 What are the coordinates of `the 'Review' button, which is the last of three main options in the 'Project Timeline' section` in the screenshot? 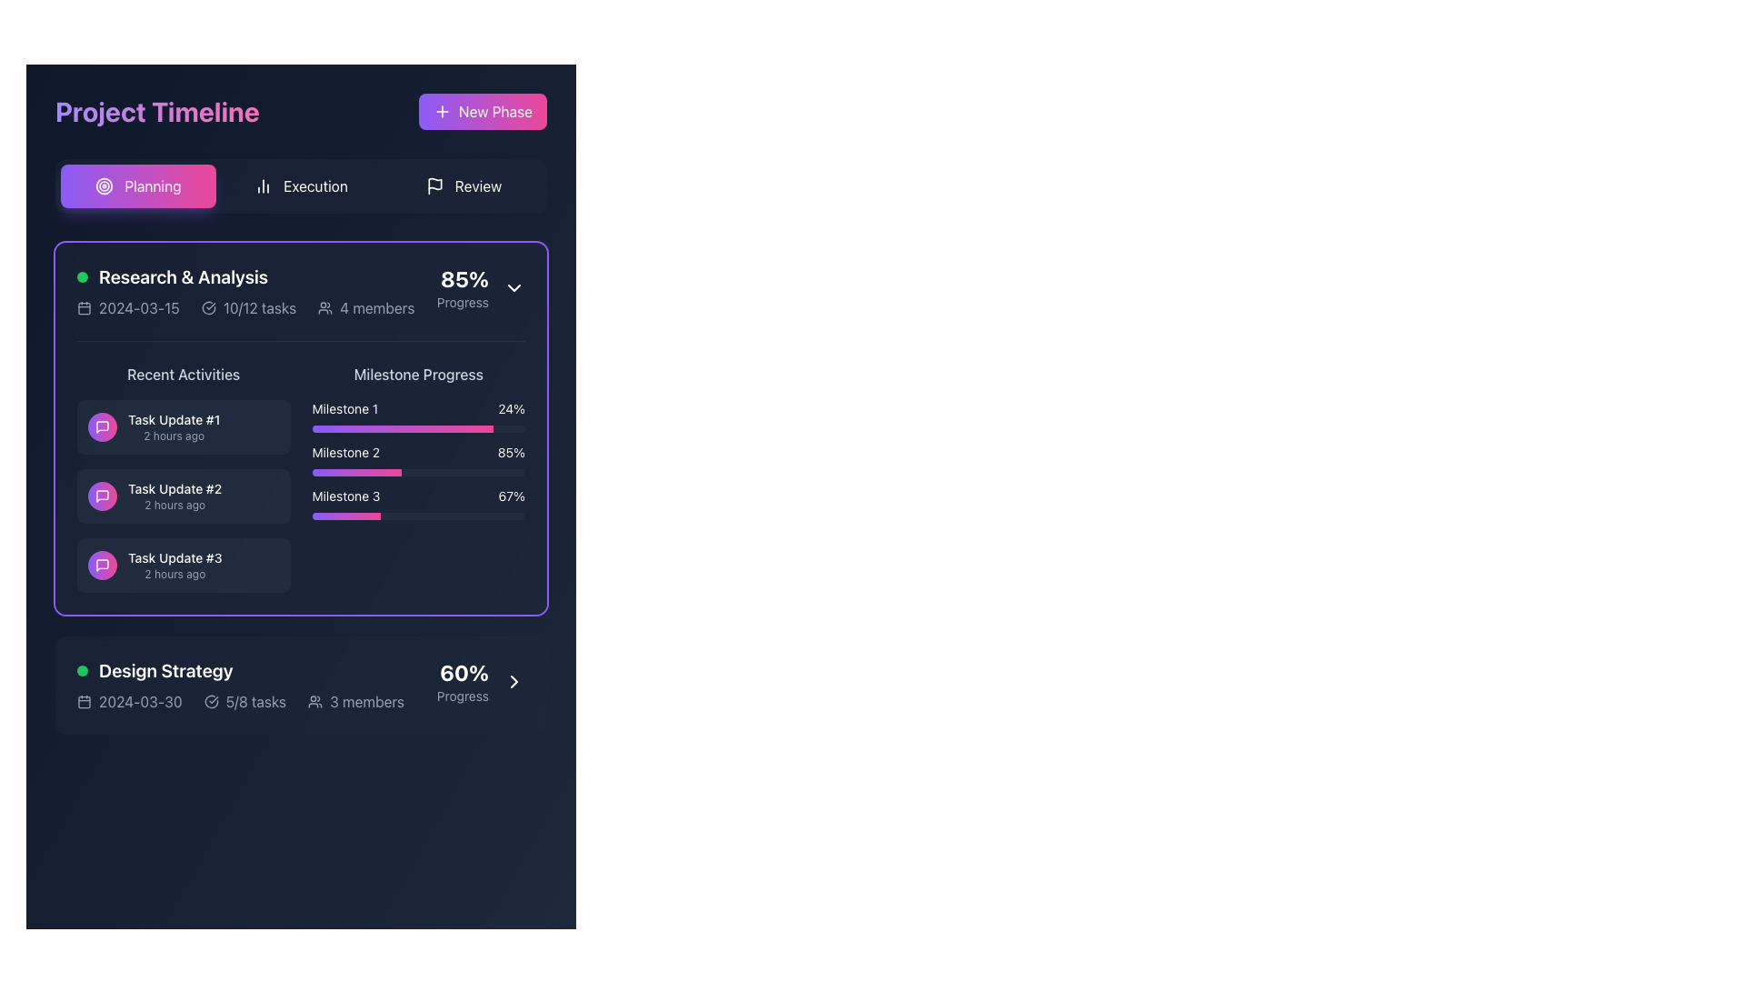 It's located at (464, 185).